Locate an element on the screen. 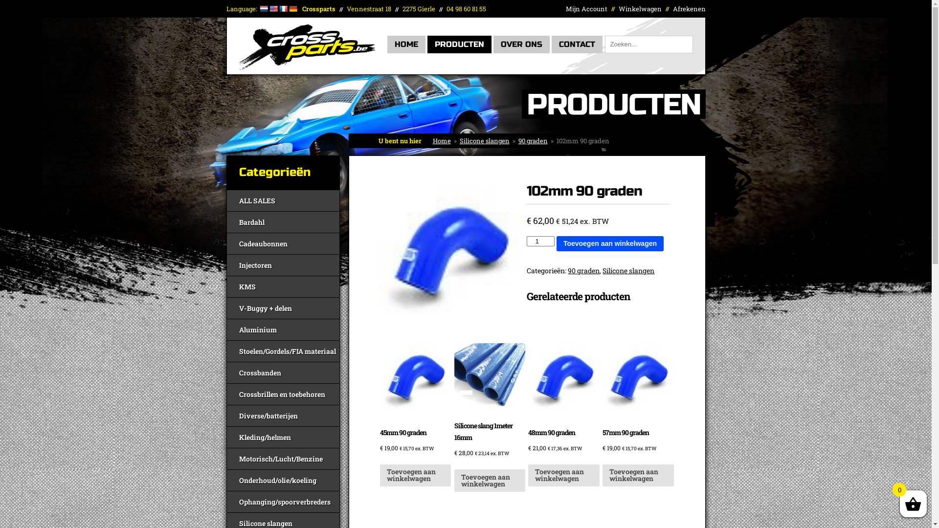  'Crossbanden' is located at coordinates (283, 373).